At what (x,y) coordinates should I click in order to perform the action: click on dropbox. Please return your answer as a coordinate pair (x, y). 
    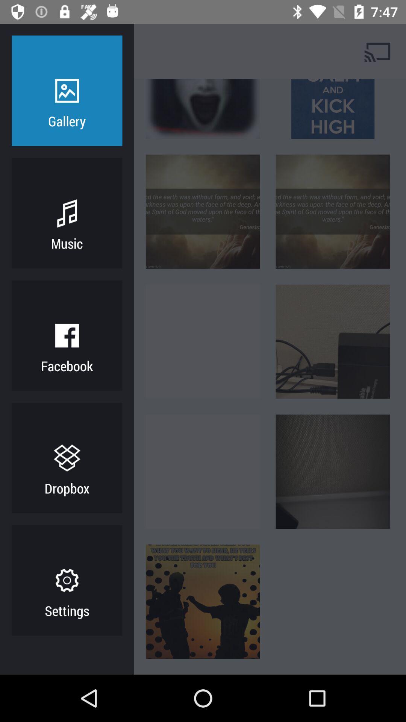
    Looking at the image, I should click on (67, 488).